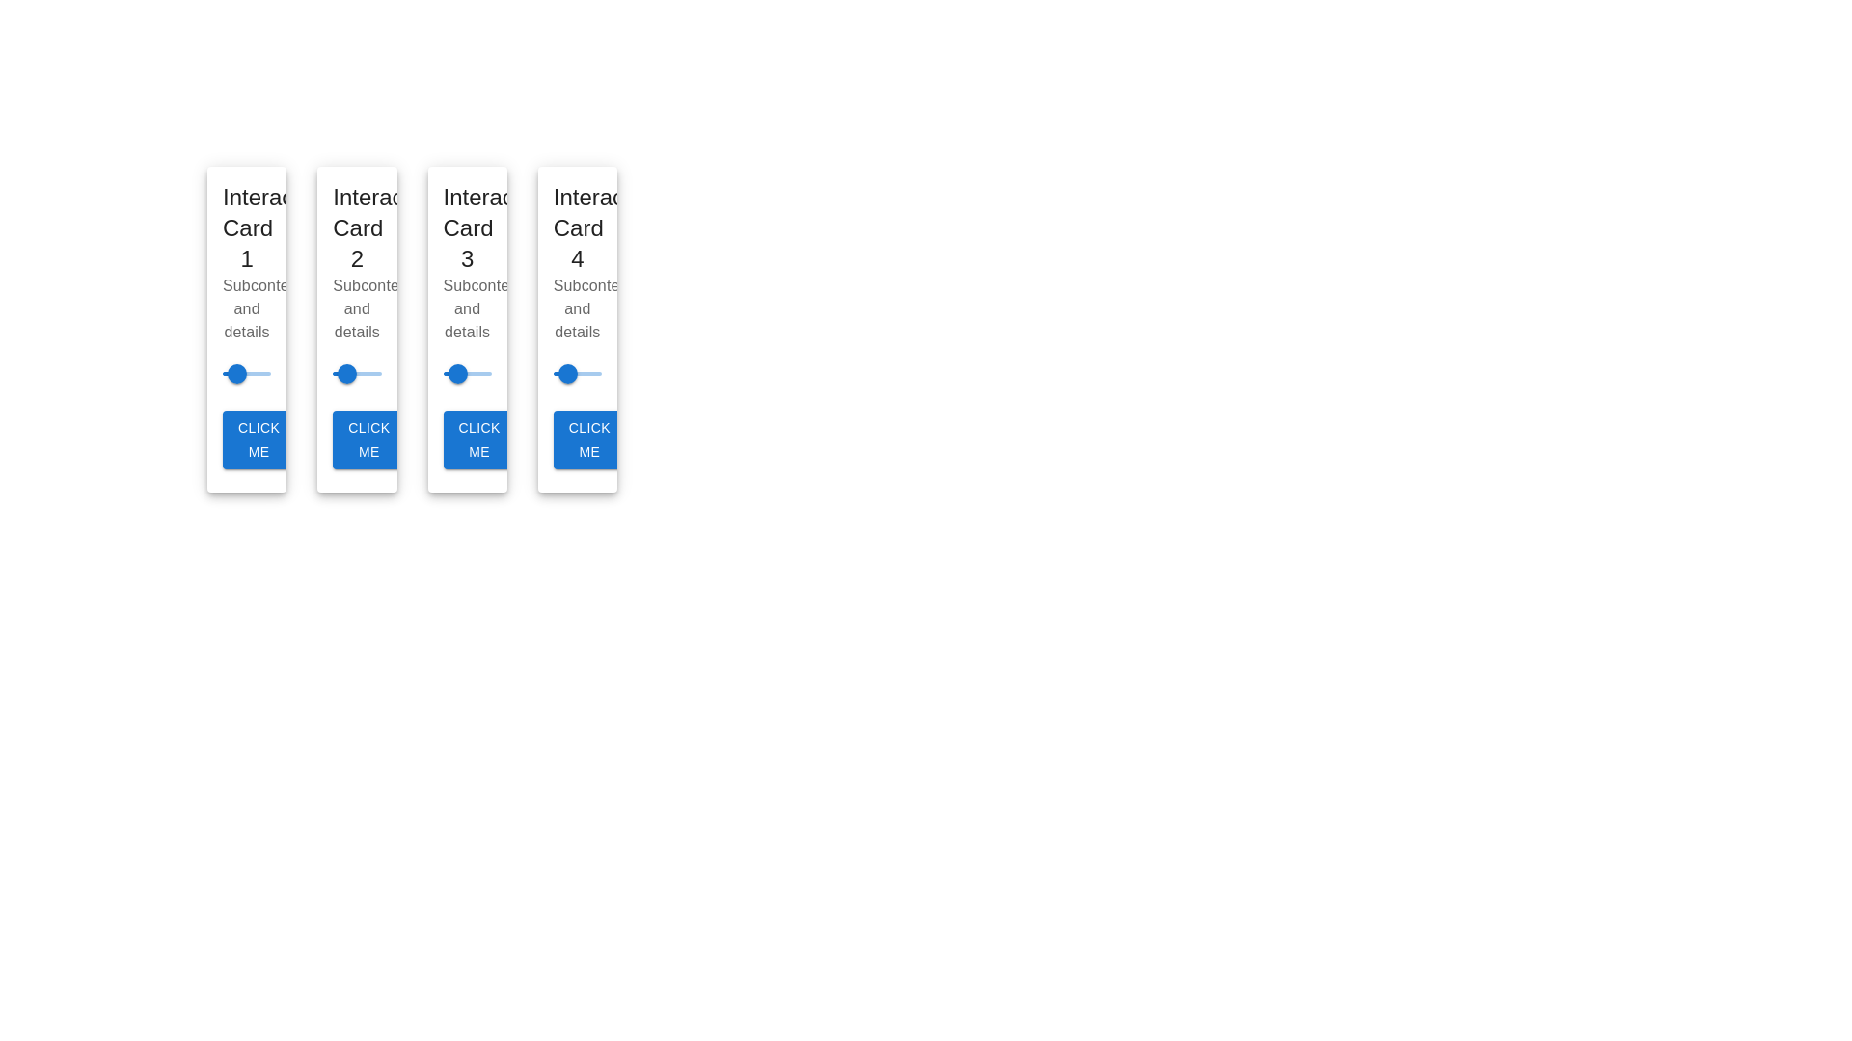 The image size is (1852, 1041). I want to click on the horizontal slider track located within the second card below the title 'Interact Card 2', so click(340, 374).